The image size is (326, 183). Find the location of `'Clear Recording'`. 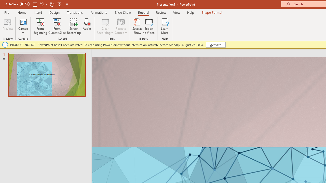

'Clear Recording' is located at coordinates (105, 26).